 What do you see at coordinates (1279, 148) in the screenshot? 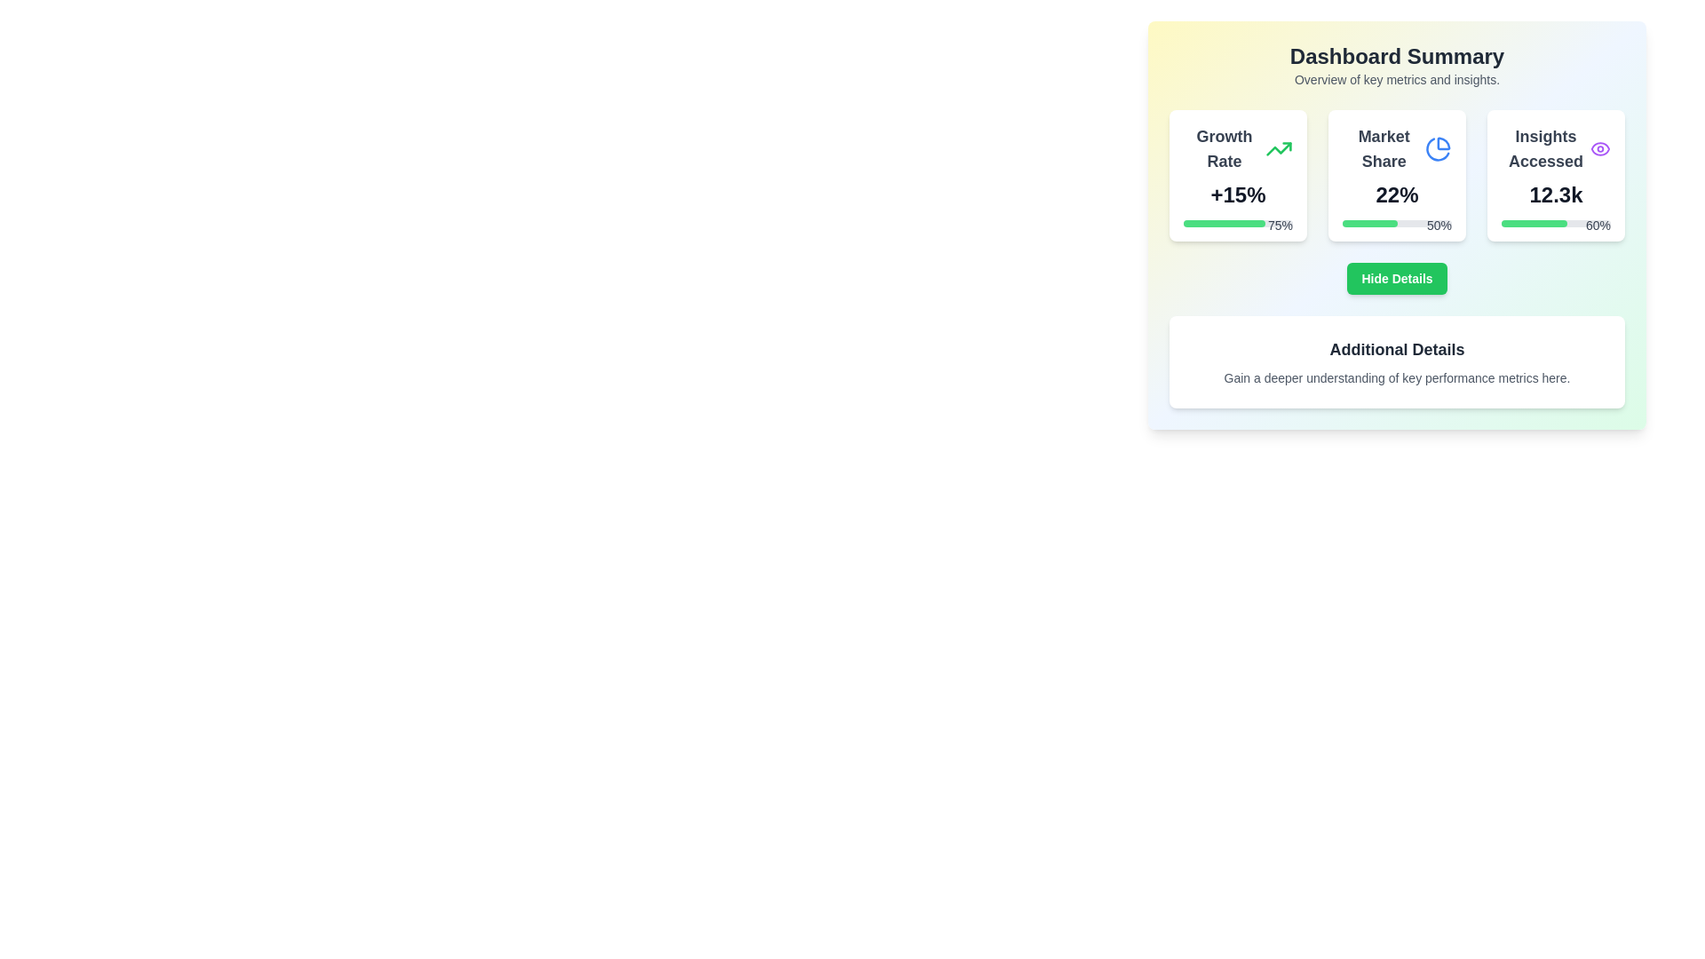
I see `the SVG graphic that serves as a decorative visual indicator for the 'Growth Rate' statistic in the top left area of the dashboard card` at bounding box center [1279, 148].